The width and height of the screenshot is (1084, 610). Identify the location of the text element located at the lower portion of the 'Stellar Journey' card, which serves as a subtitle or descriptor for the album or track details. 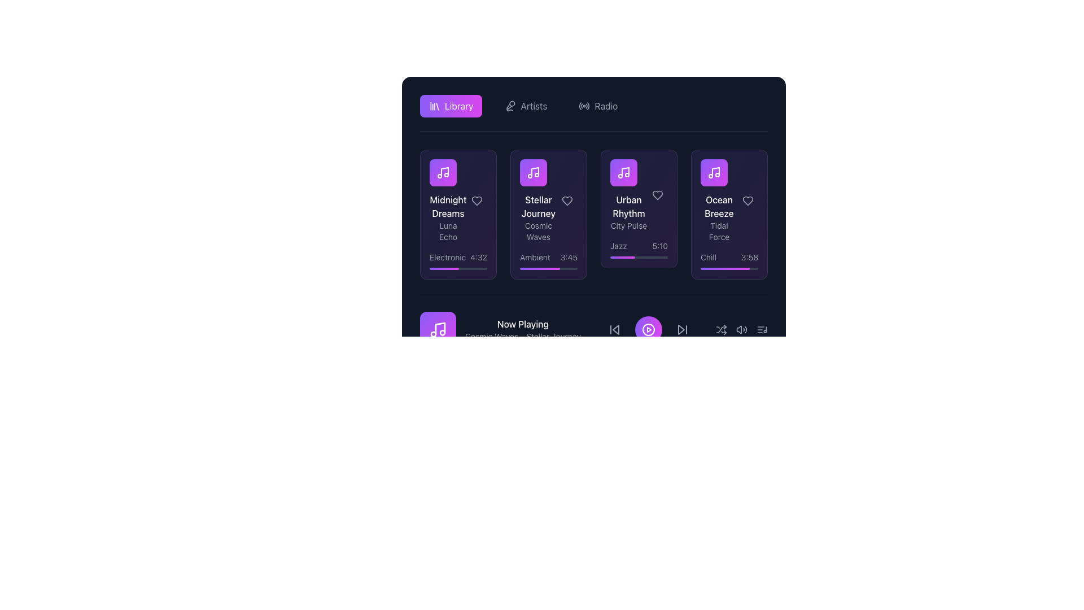
(538, 230).